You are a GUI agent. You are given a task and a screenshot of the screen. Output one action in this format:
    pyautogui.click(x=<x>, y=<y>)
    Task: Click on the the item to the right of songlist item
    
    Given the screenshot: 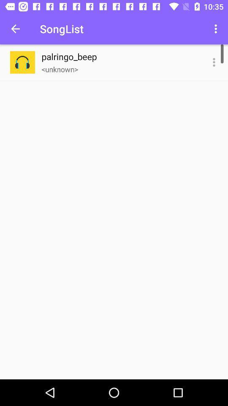 What is the action you would take?
    pyautogui.click(x=217, y=29)
    